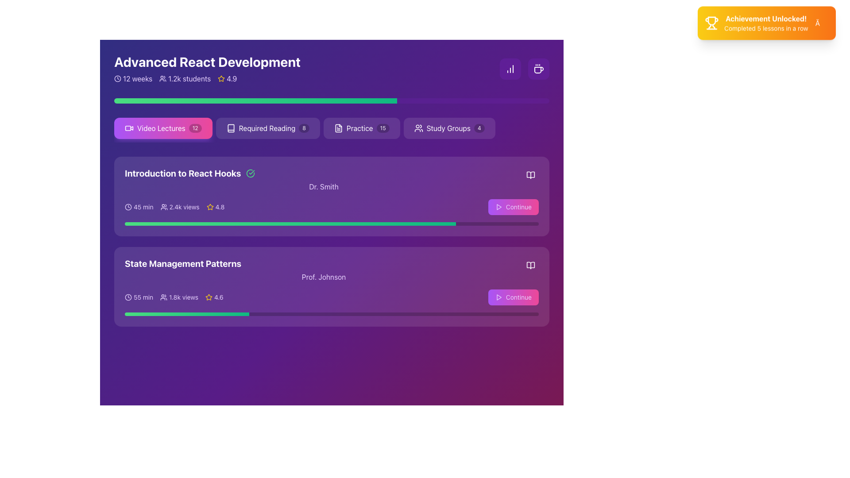 The height and width of the screenshot is (478, 850). Describe the element at coordinates (250, 223) in the screenshot. I see `slider value` at that location.